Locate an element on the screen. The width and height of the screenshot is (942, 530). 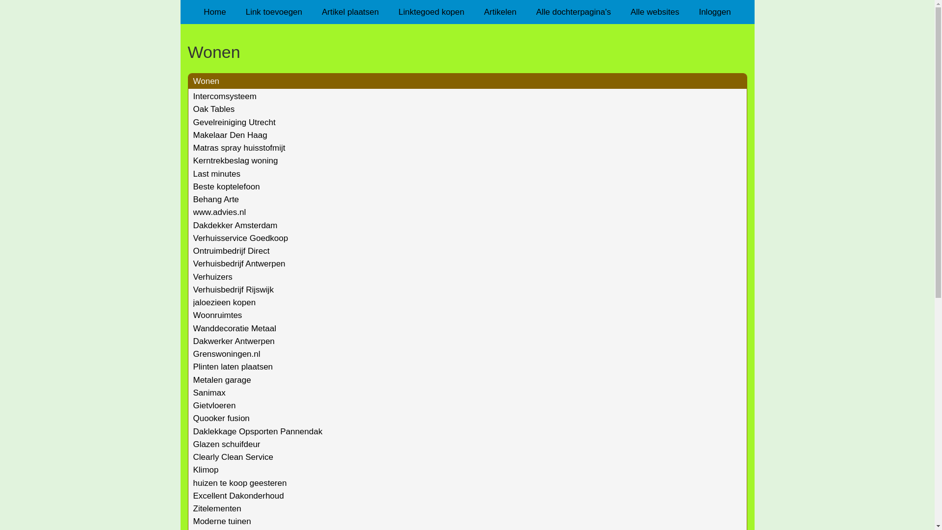
'Quooker fusion' is located at coordinates (221, 418).